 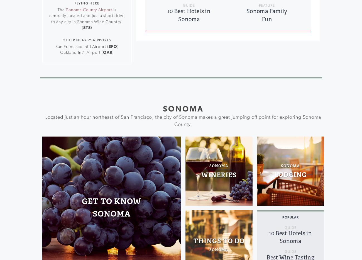 What do you see at coordinates (101, 58) in the screenshot?
I see `'Nightlife'` at bounding box center [101, 58].